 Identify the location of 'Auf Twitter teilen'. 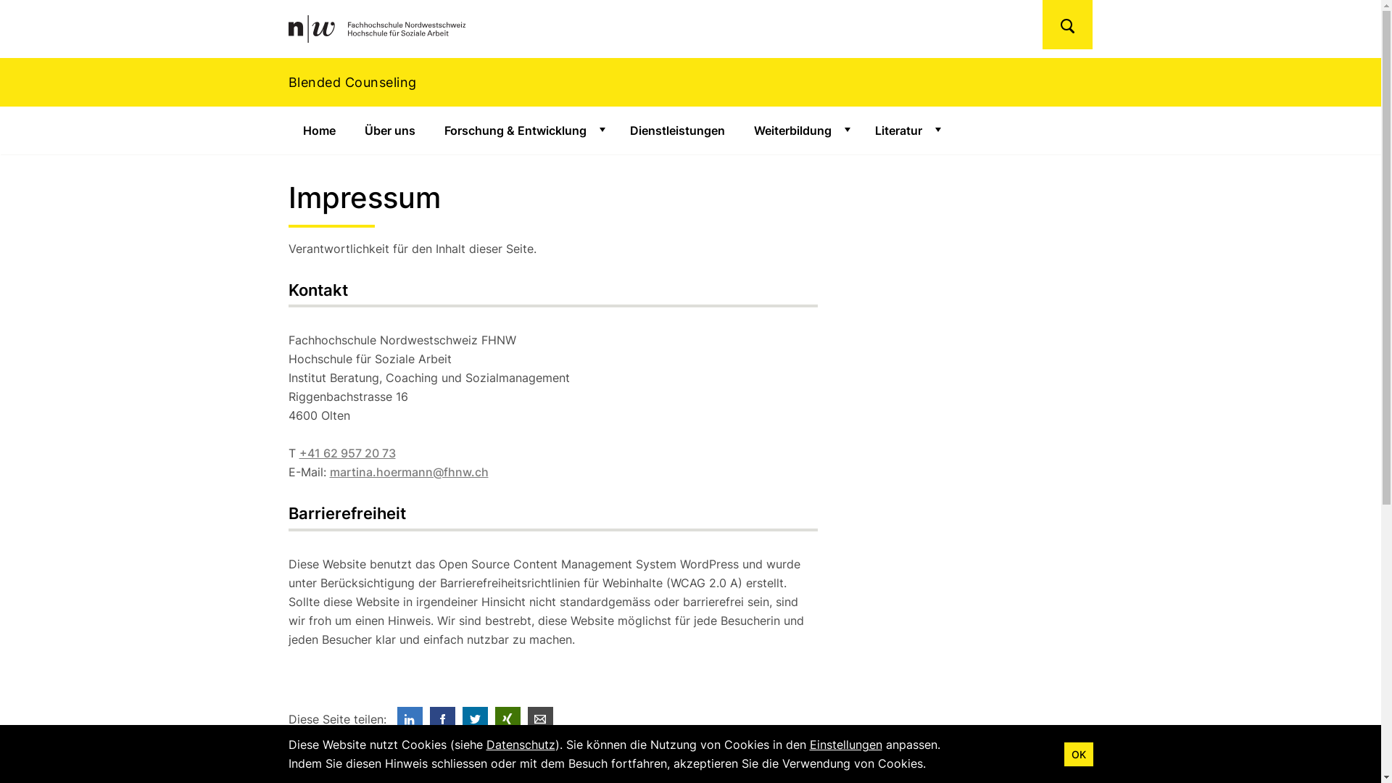
(462, 719).